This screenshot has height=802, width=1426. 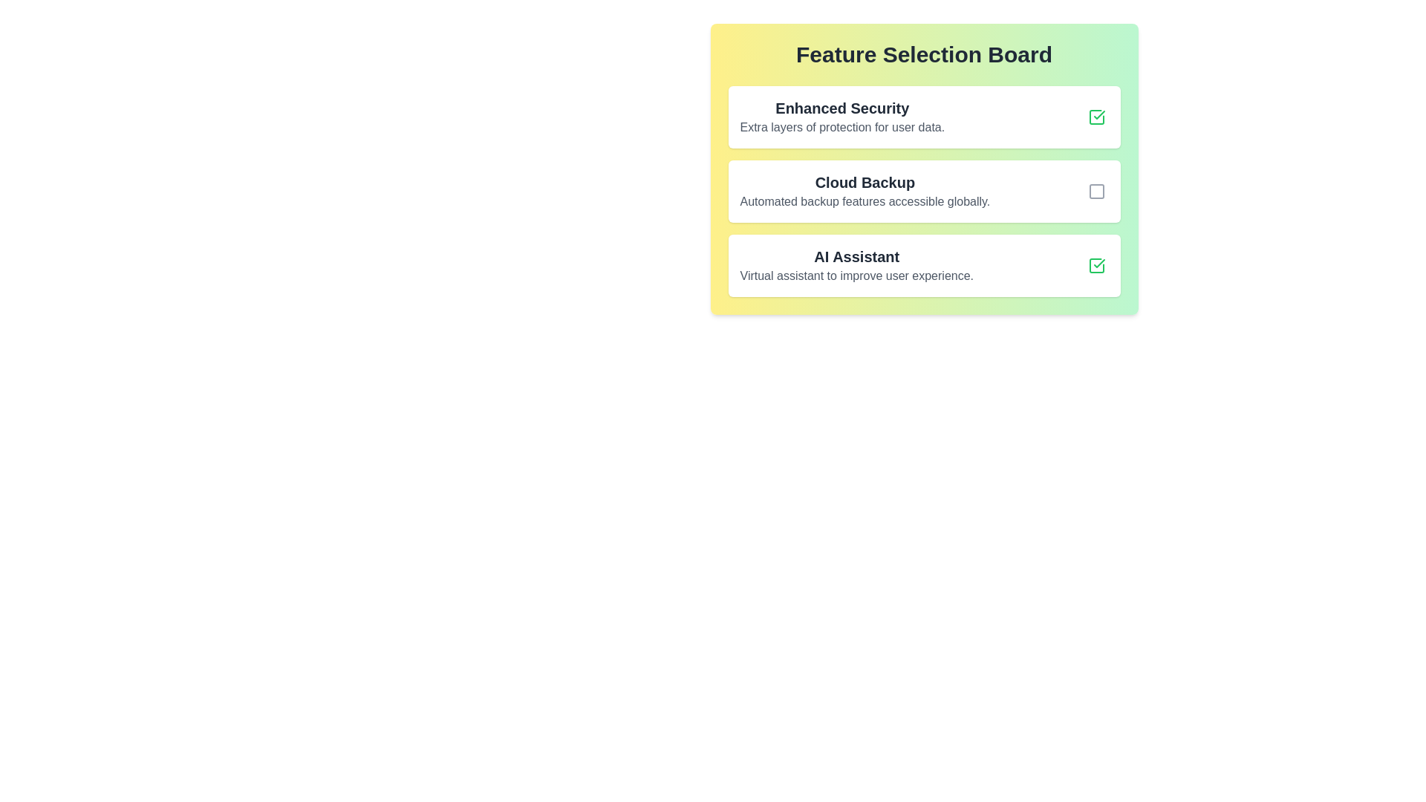 What do you see at coordinates (842, 127) in the screenshot?
I see `subtitle text located below the 'Enhanced Security' heading in the 'Feature Selection Board'` at bounding box center [842, 127].